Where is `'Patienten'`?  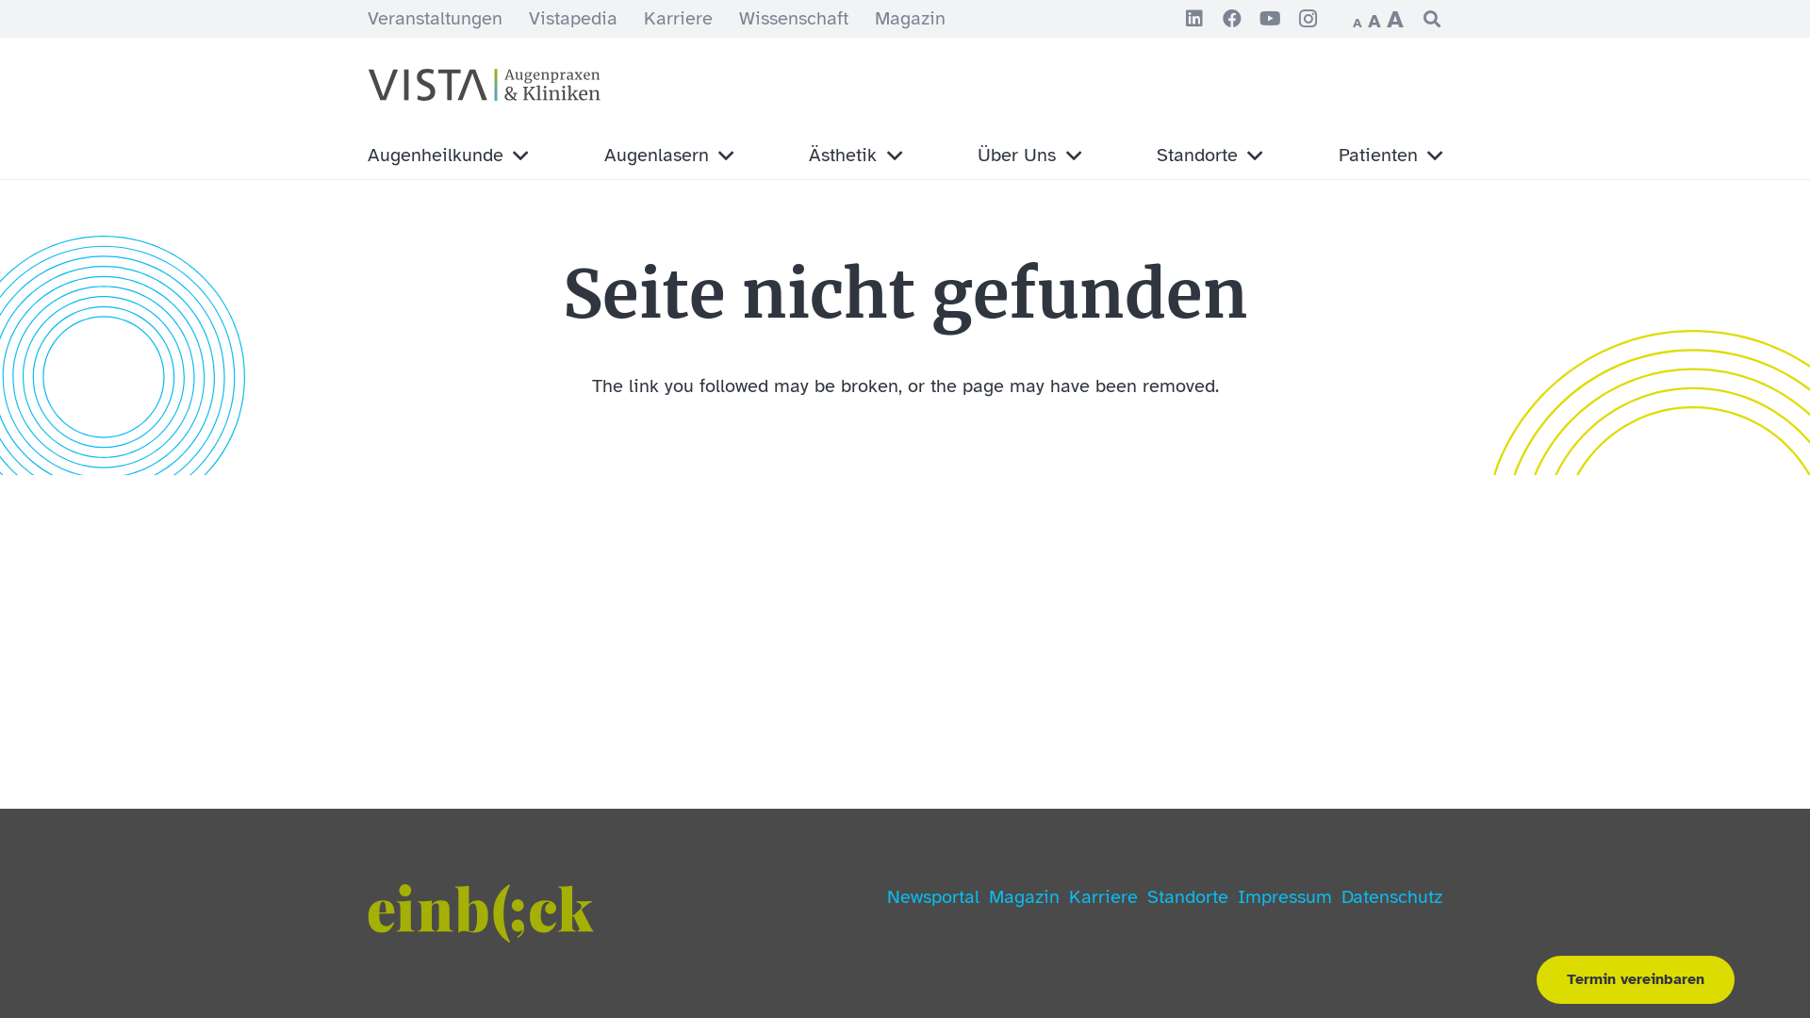
'Patienten' is located at coordinates (1390, 155).